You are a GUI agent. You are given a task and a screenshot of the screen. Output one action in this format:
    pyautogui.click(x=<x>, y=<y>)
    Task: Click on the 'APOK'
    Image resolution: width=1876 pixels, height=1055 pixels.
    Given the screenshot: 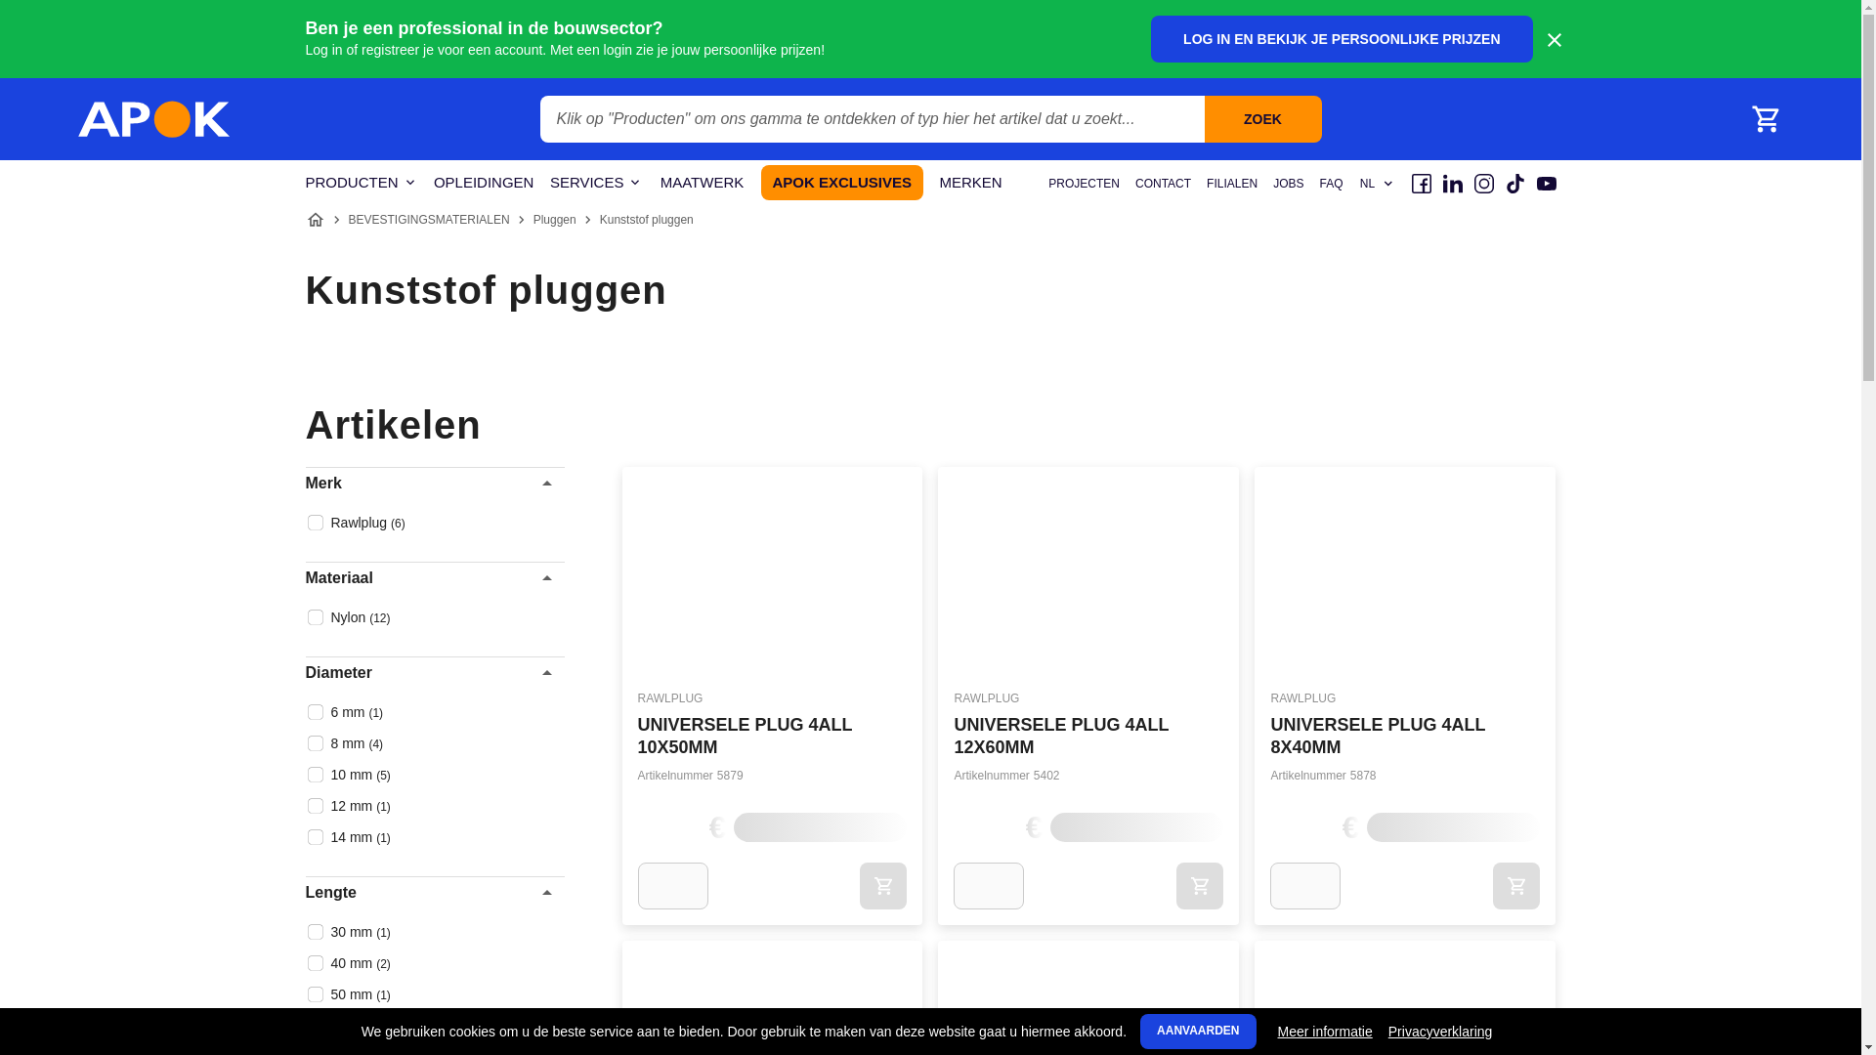 What is the action you would take?
    pyautogui.click(x=153, y=119)
    